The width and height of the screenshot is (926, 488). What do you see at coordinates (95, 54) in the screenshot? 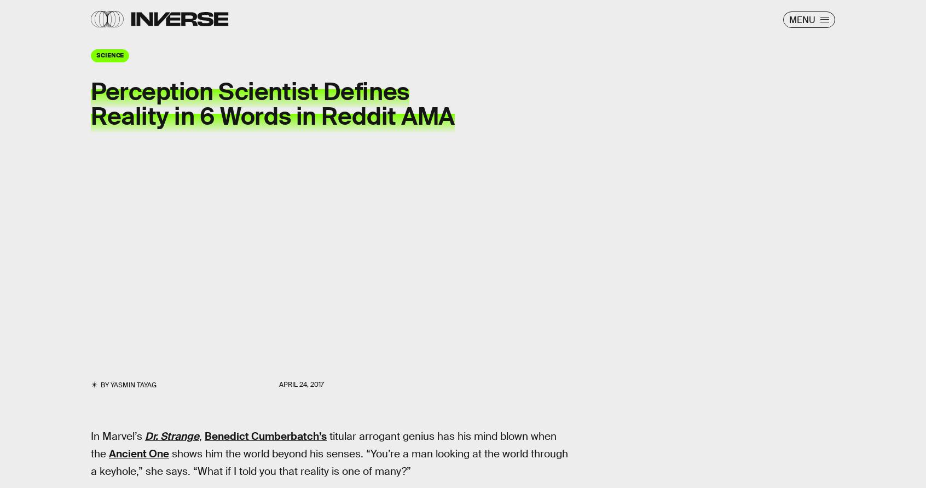
I see `'Science'` at bounding box center [95, 54].